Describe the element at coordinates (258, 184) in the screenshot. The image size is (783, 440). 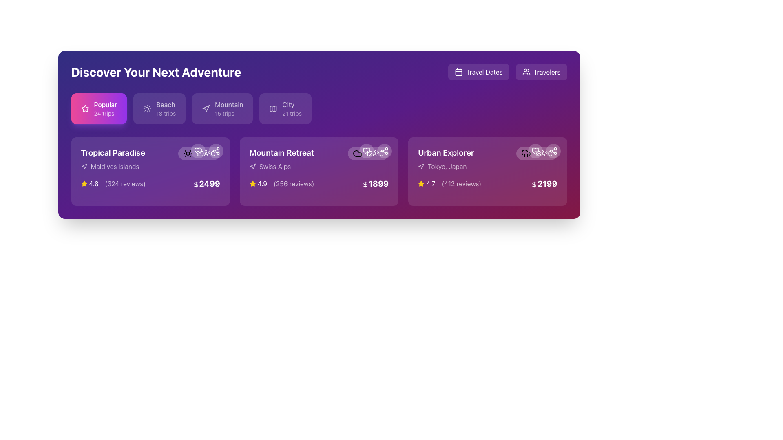
I see `the static rating display which consists of a yellow star icon and the text '4.9', located in the rating section of the middle card titled 'Mountain Retreat'` at that location.